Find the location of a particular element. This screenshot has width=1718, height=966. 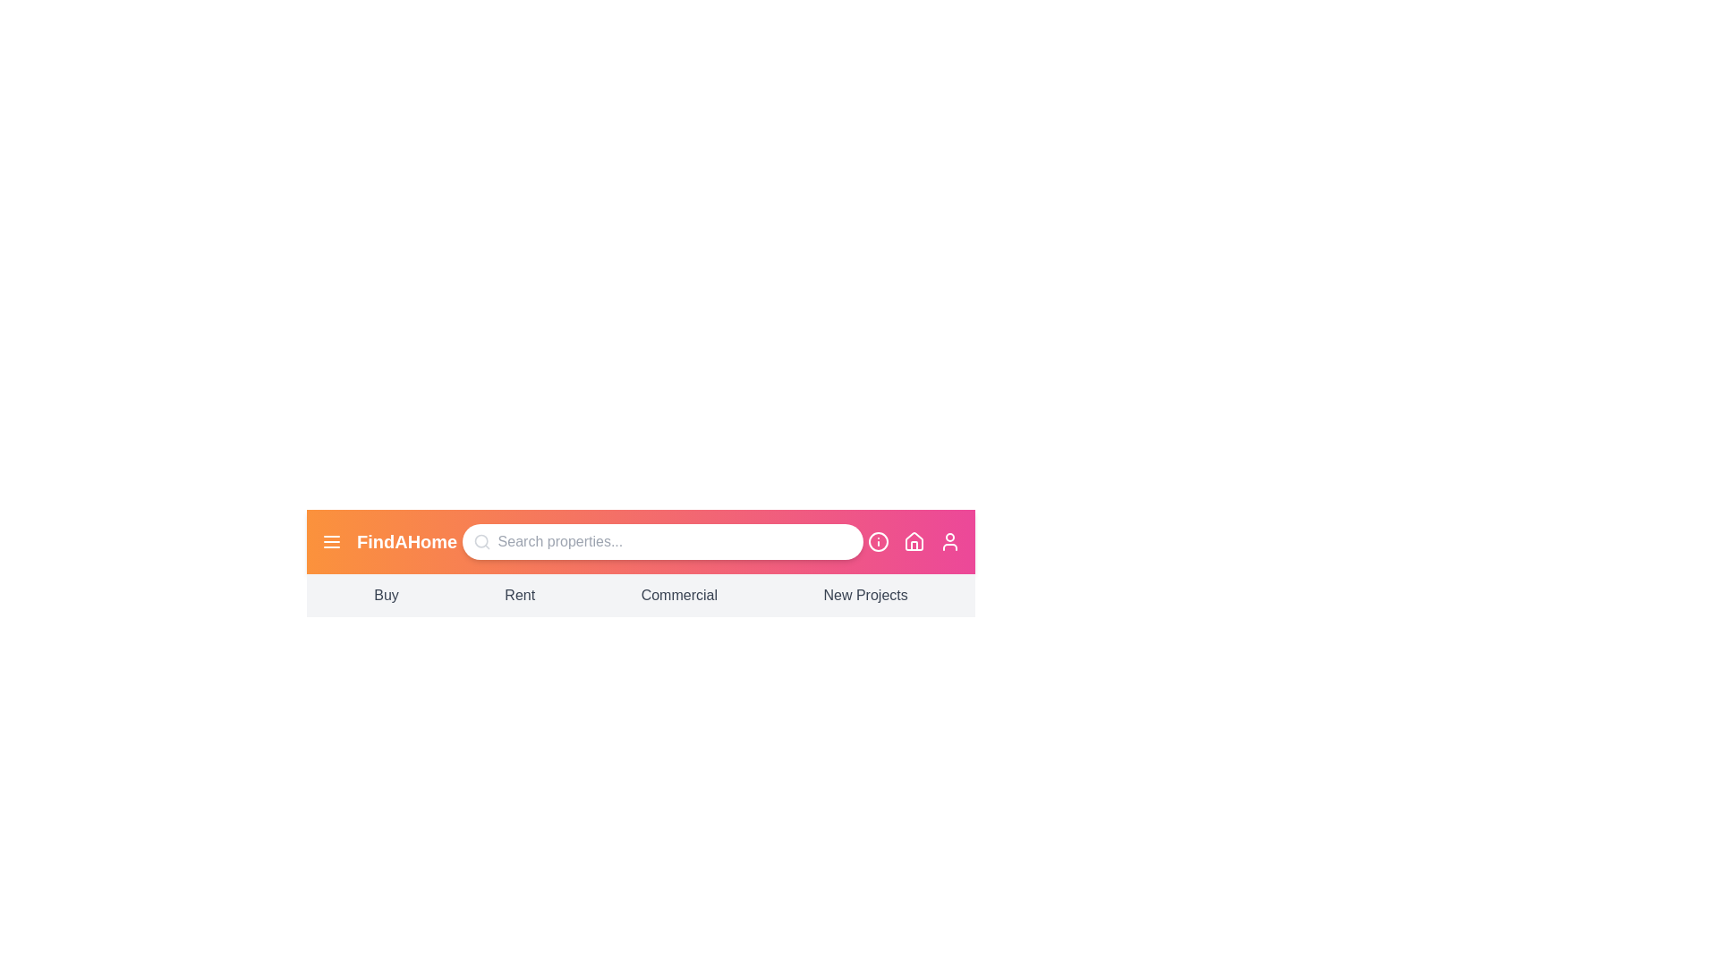

the 'Home' icon in the navigation bar to return to the home page is located at coordinates (914, 540).